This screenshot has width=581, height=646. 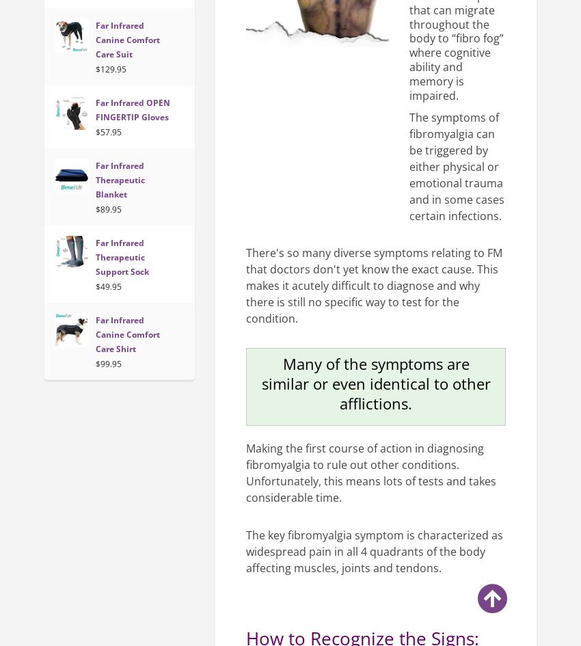 What do you see at coordinates (95, 362) in the screenshot?
I see `'$99.95'` at bounding box center [95, 362].